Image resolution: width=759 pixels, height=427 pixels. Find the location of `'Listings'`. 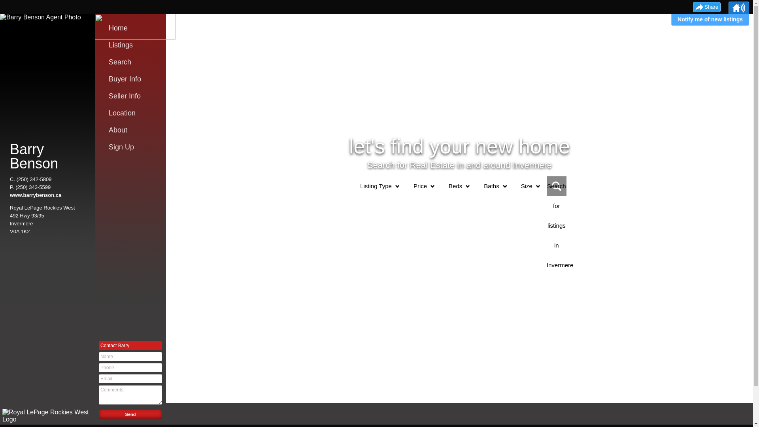

'Listings' is located at coordinates (108, 45).